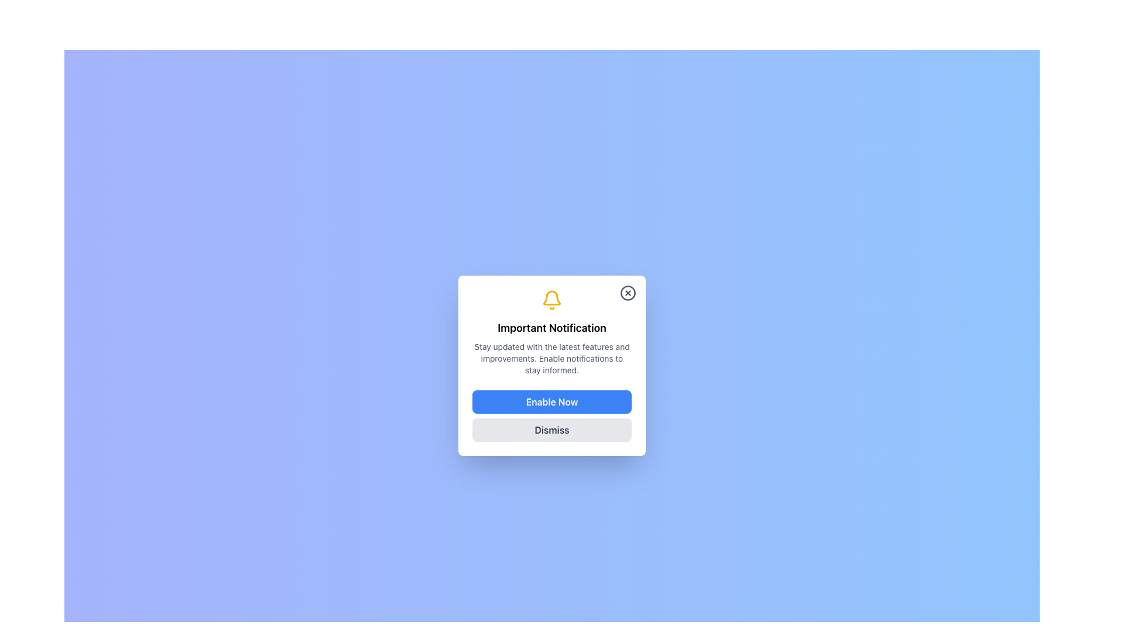  Describe the element at coordinates (628, 293) in the screenshot. I see `the circular close icon located at the top-right corner of the notification card` at that location.